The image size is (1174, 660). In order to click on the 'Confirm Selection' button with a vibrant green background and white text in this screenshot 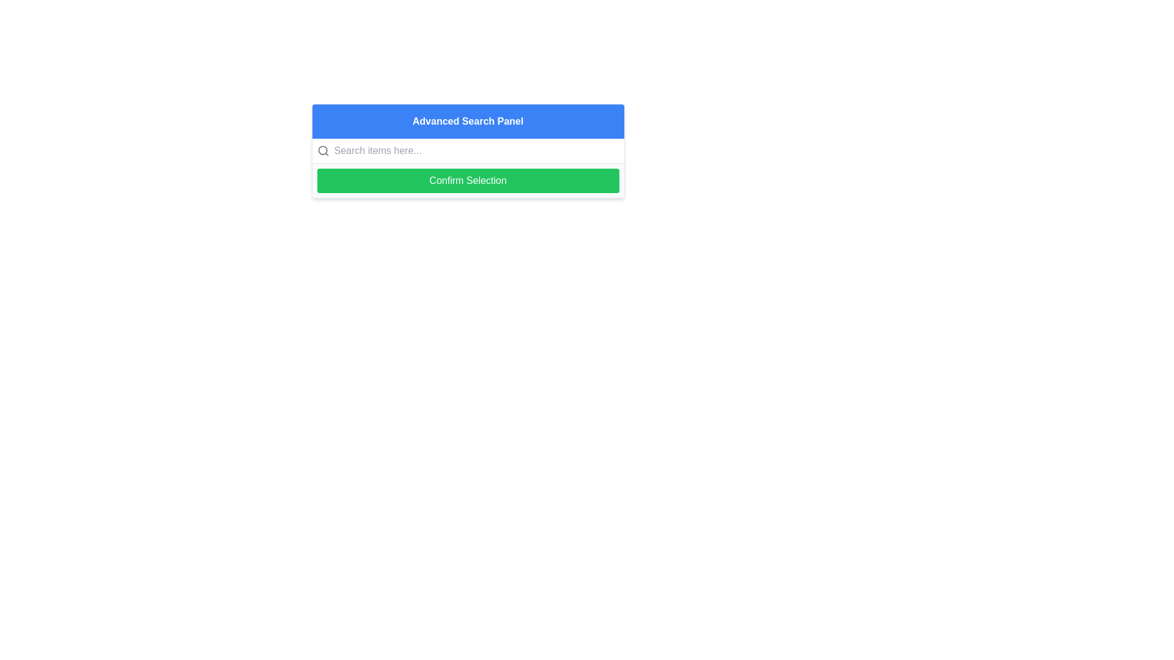, I will do `click(467, 181)`.